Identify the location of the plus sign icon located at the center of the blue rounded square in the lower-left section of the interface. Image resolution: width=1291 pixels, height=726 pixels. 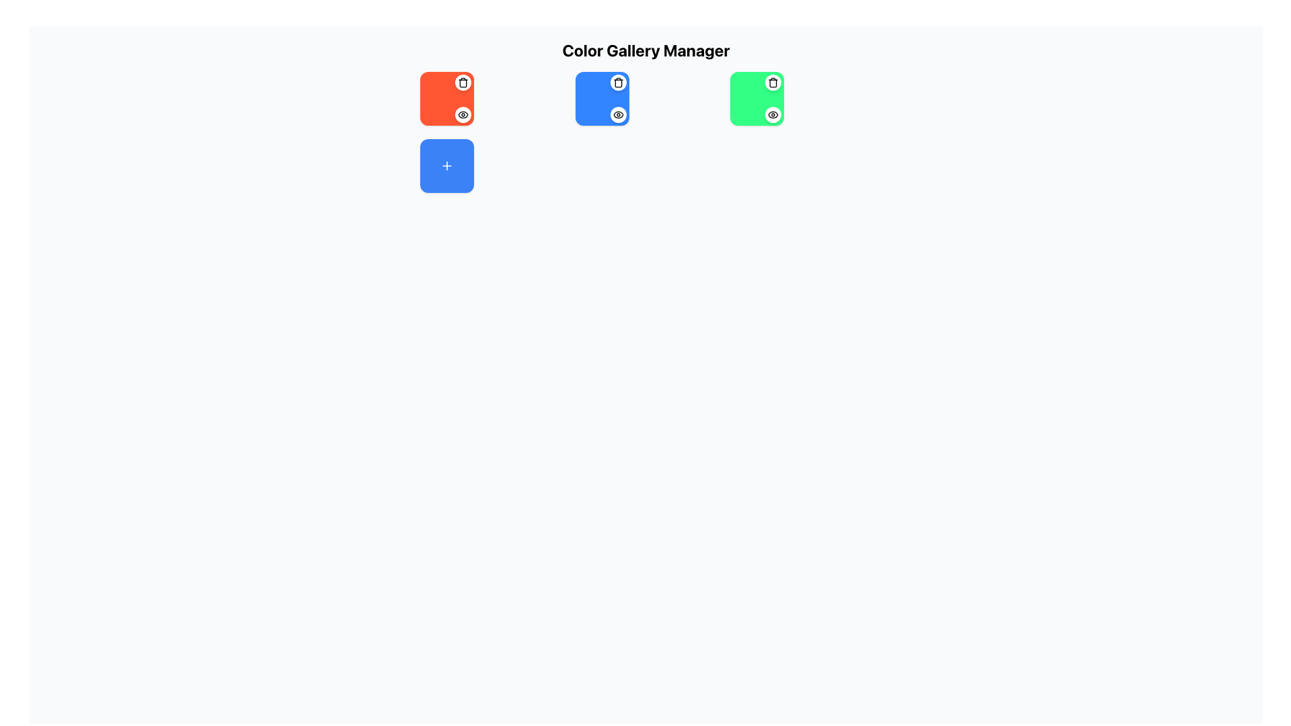
(447, 165).